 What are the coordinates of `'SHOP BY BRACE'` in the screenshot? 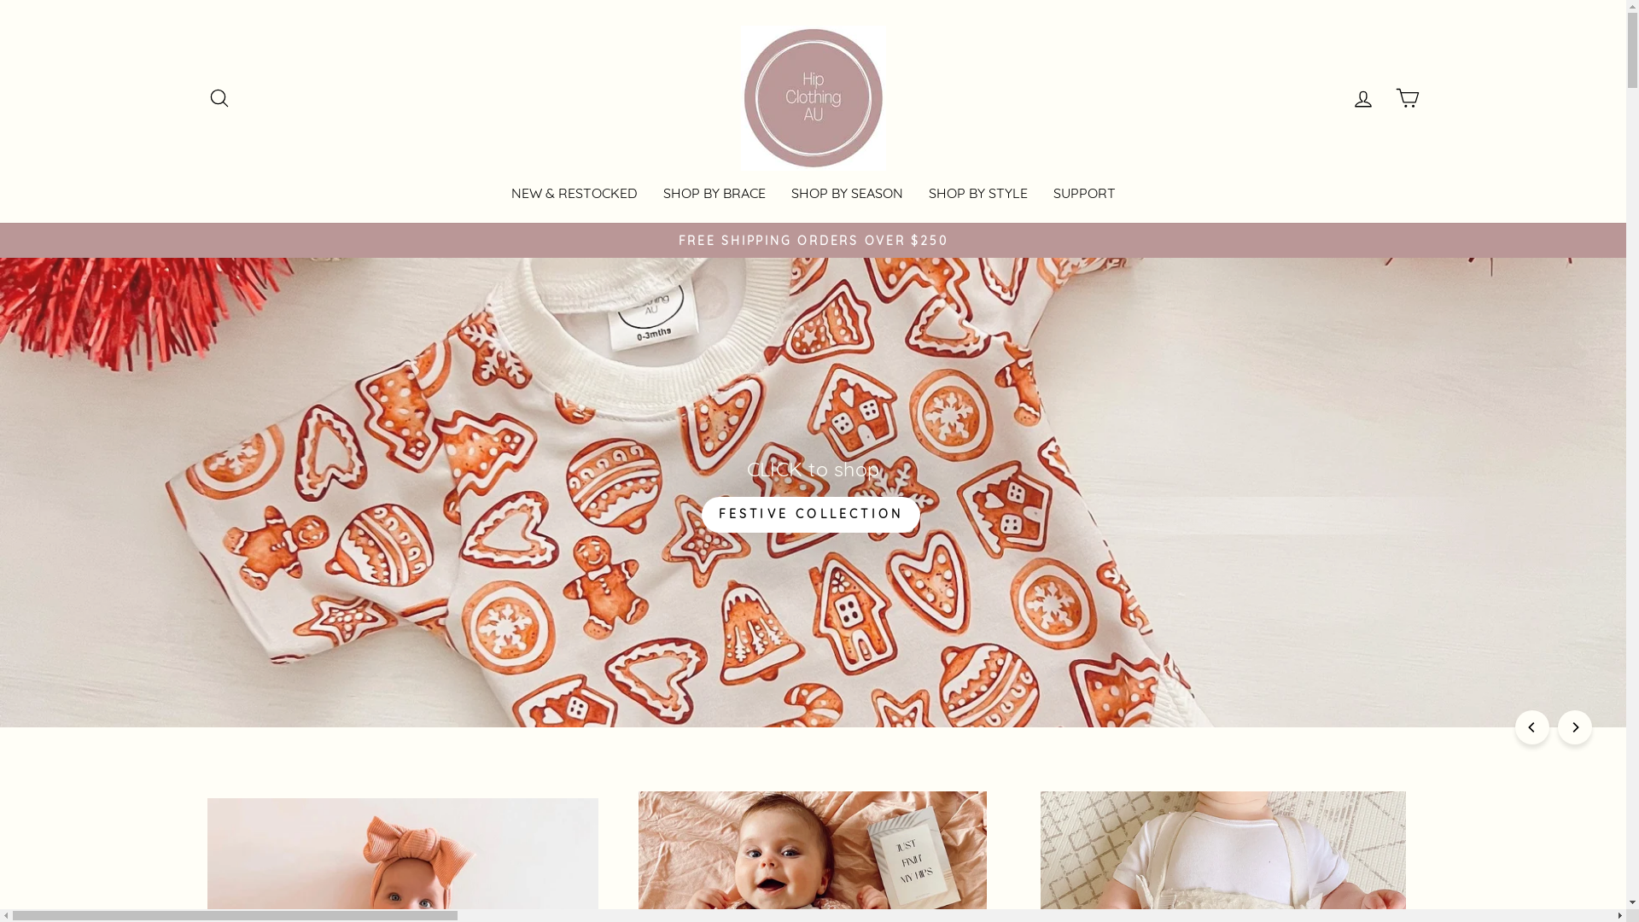 It's located at (650, 192).